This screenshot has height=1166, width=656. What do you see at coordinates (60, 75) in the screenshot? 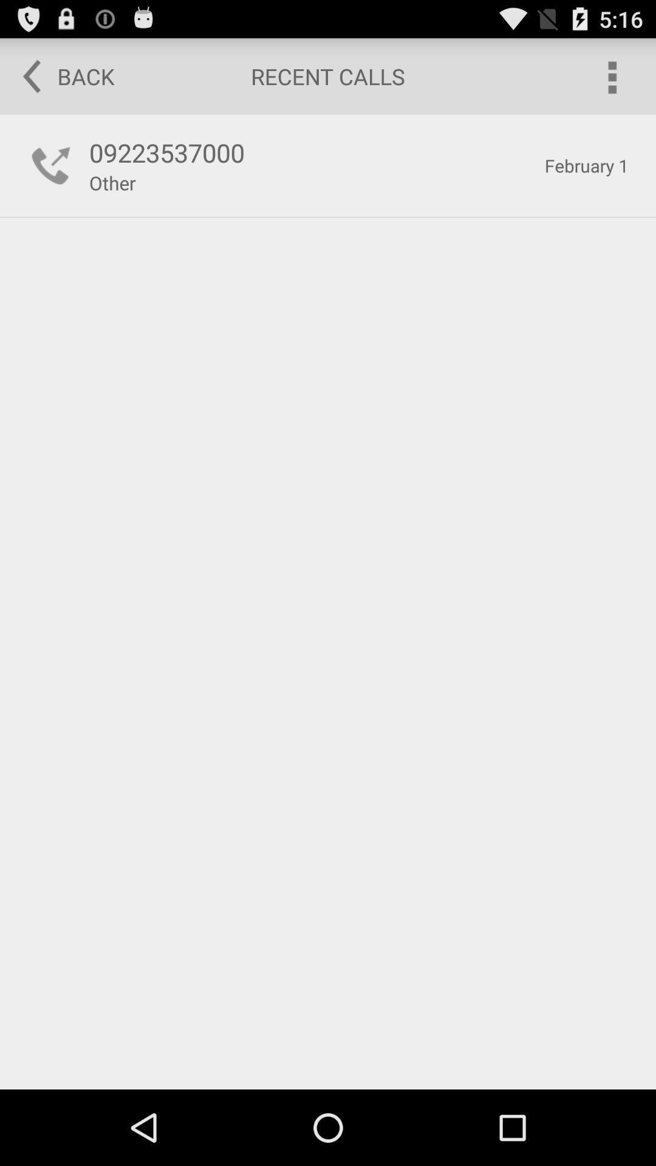
I see `back` at bounding box center [60, 75].